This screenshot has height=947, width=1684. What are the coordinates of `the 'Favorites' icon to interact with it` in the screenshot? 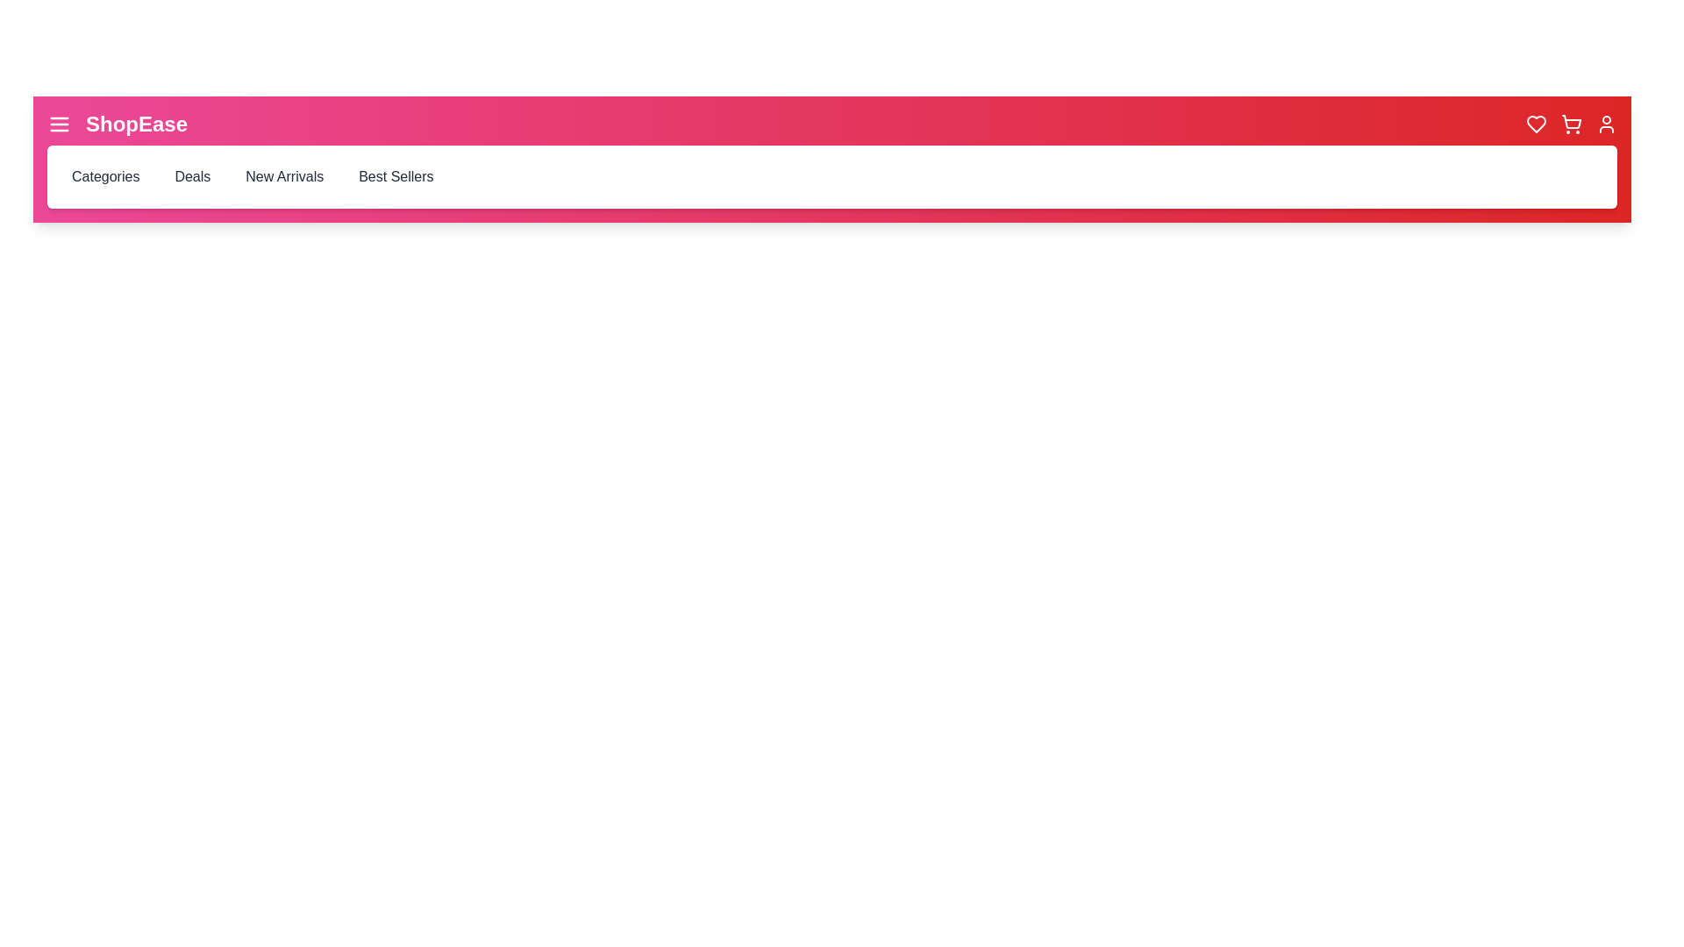 It's located at (1536, 124).